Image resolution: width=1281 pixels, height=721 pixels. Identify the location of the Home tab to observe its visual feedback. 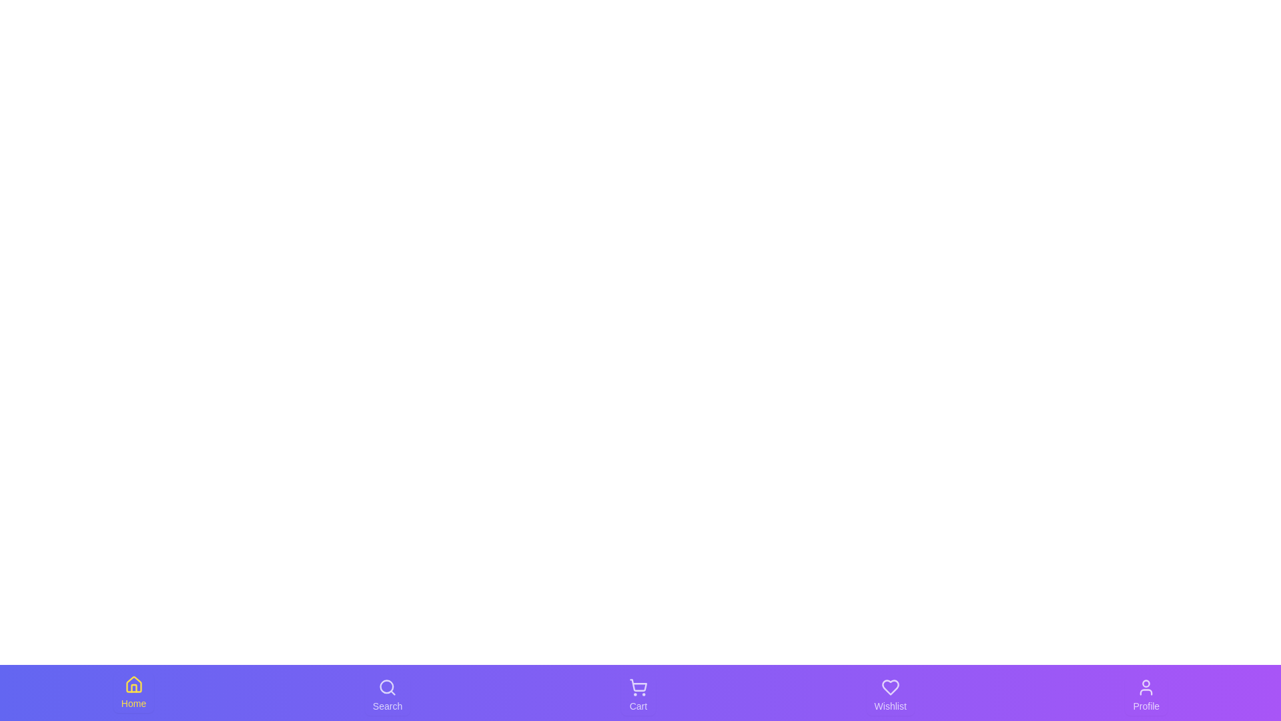
(133, 692).